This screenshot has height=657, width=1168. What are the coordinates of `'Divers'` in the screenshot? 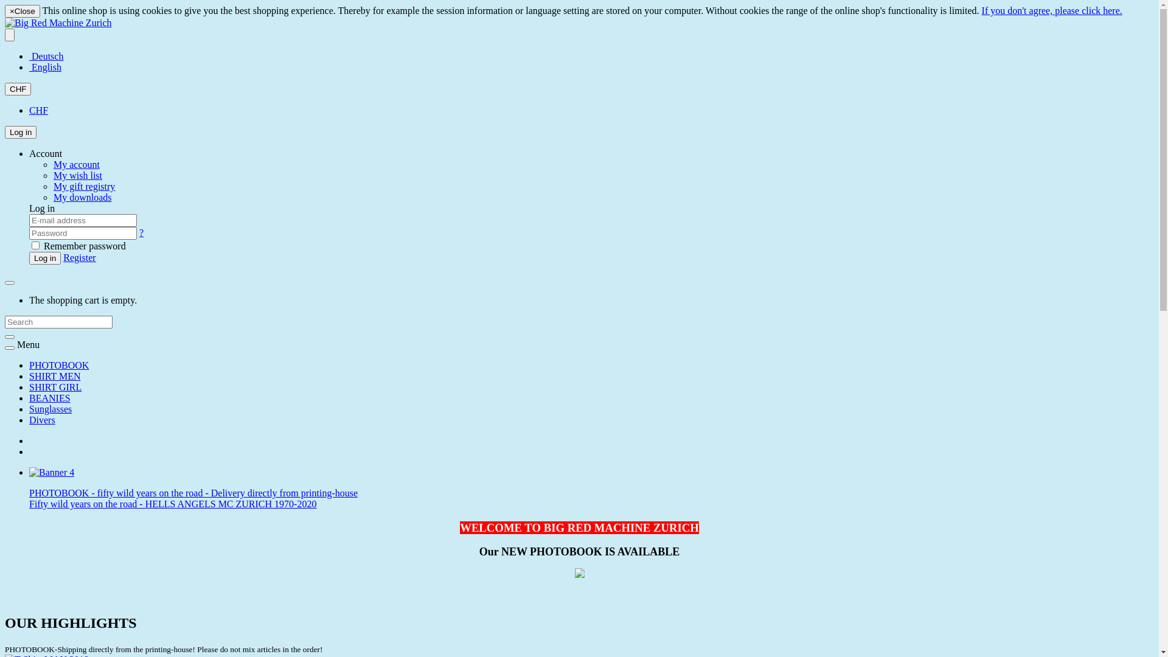 It's located at (42, 419).